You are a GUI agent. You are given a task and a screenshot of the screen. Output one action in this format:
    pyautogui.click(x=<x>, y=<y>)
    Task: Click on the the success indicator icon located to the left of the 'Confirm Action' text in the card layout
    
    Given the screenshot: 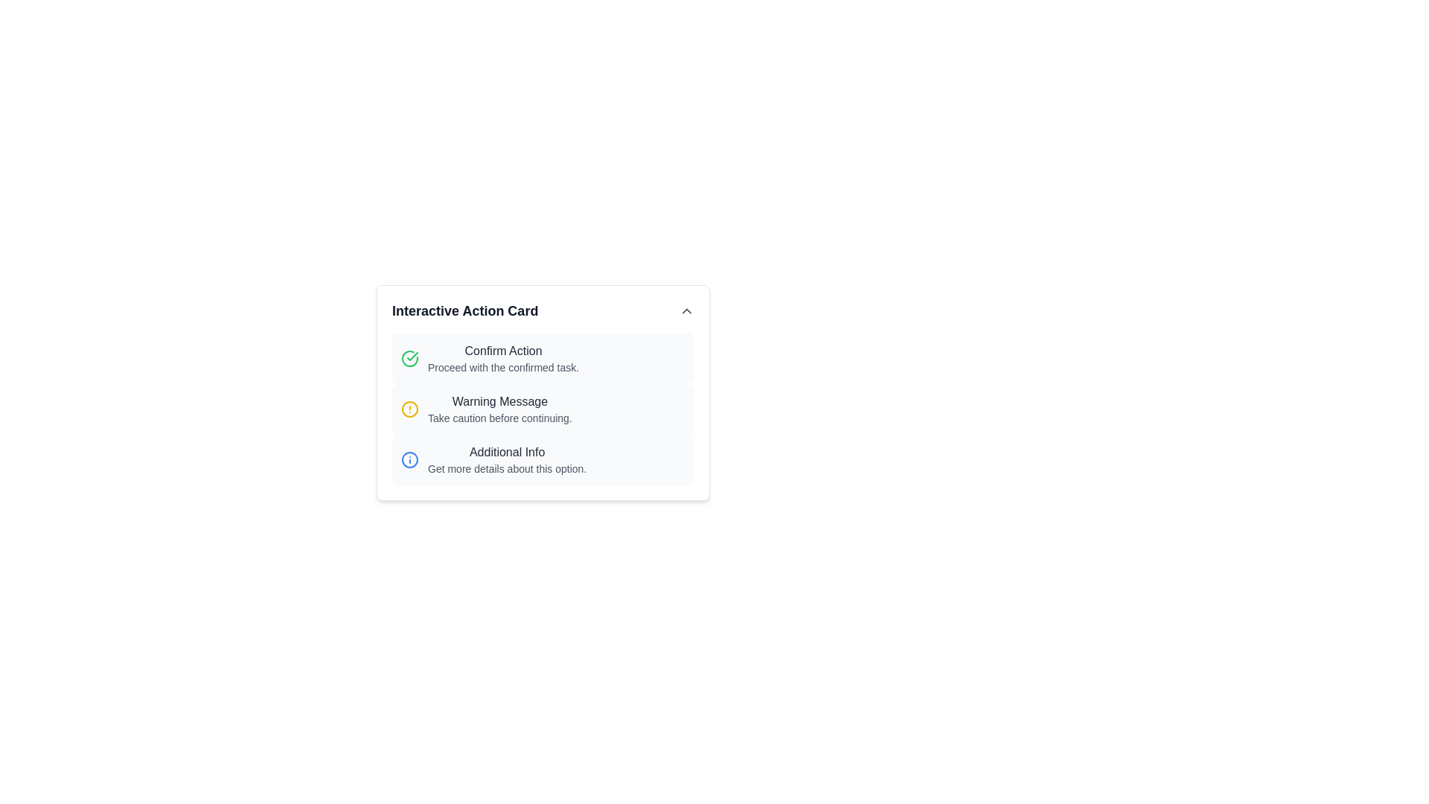 What is the action you would take?
    pyautogui.click(x=410, y=359)
    